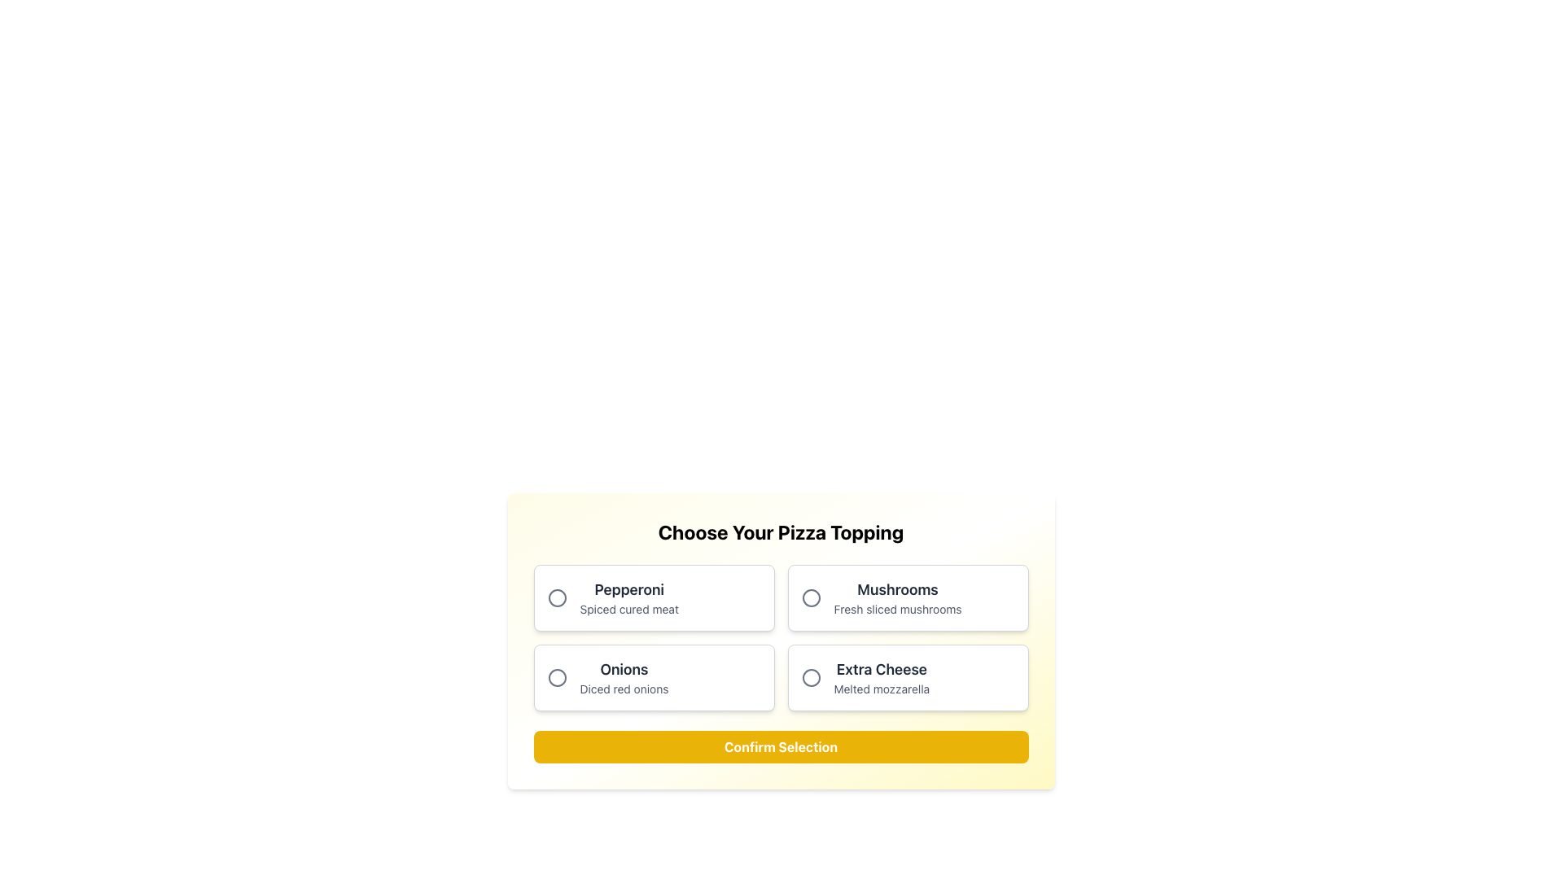 This screenshot has height=879, width=1563. I want to click on the Text Label that provides additional information about the selection option 'Onions', located beneath the text 'Onions' in the bottom-left grid cell of the menu, so click(624, 689).